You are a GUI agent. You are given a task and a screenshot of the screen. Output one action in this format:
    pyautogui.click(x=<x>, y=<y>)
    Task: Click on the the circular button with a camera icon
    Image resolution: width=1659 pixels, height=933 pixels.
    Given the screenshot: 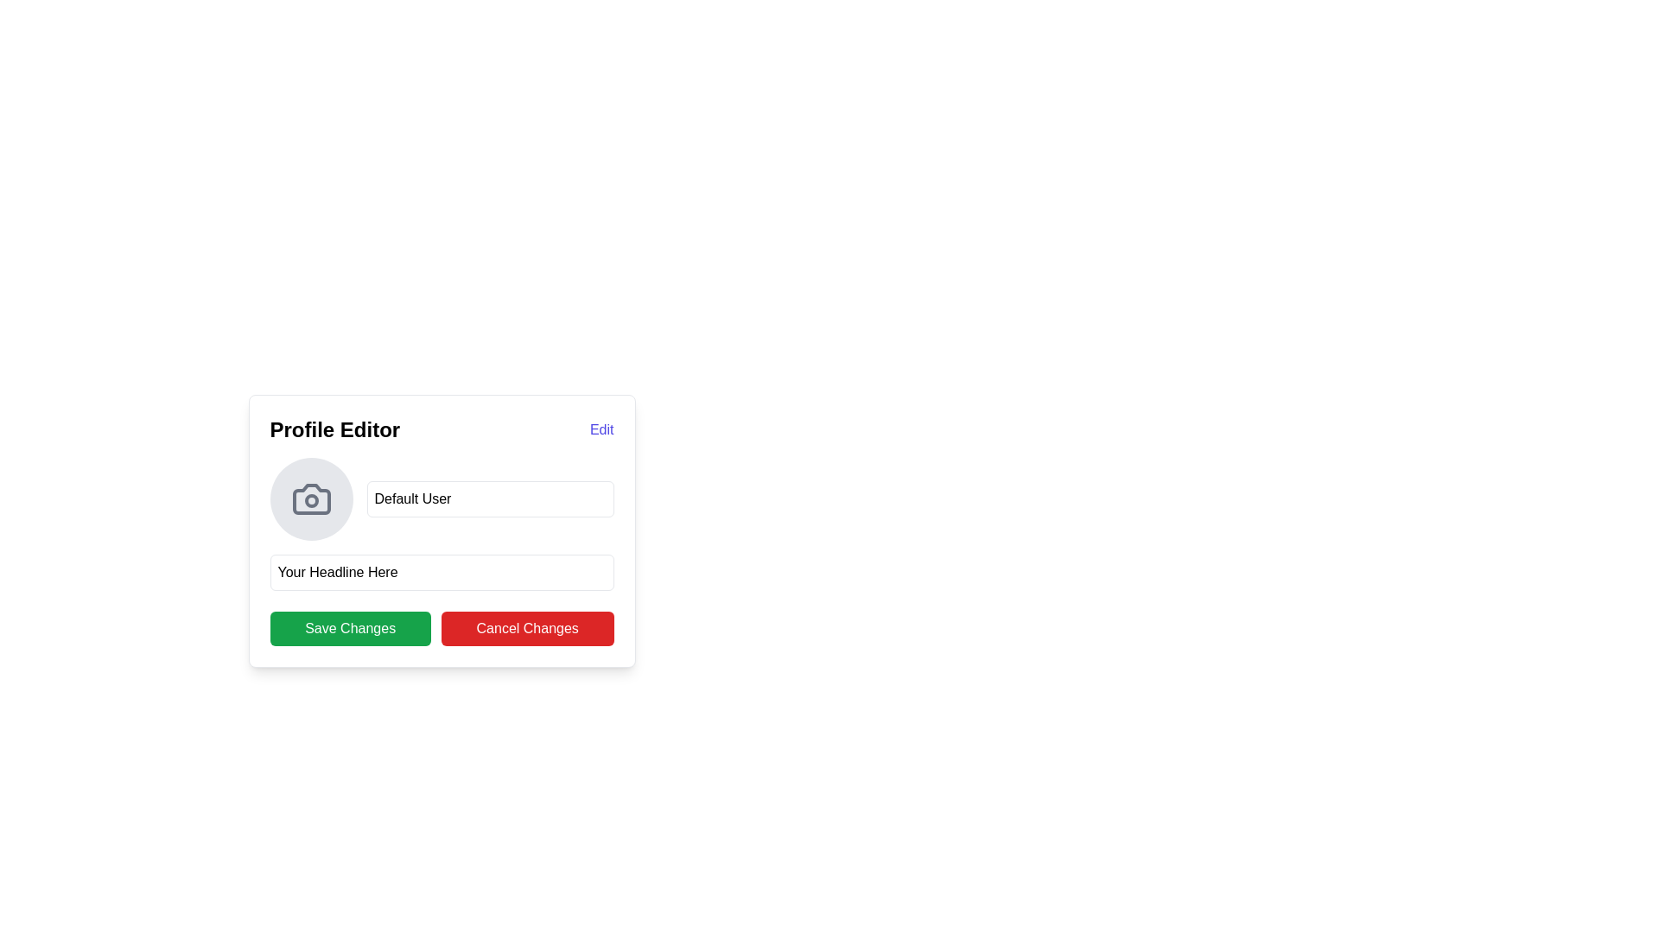 What is the action you would take?
    pyautogui.click(x=311, y=499)
    